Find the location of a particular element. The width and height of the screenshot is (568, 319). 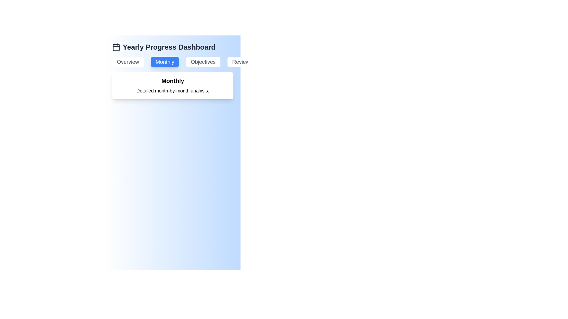

the tab labeled 'Review' to activate it is located at coordinates (241, 62).